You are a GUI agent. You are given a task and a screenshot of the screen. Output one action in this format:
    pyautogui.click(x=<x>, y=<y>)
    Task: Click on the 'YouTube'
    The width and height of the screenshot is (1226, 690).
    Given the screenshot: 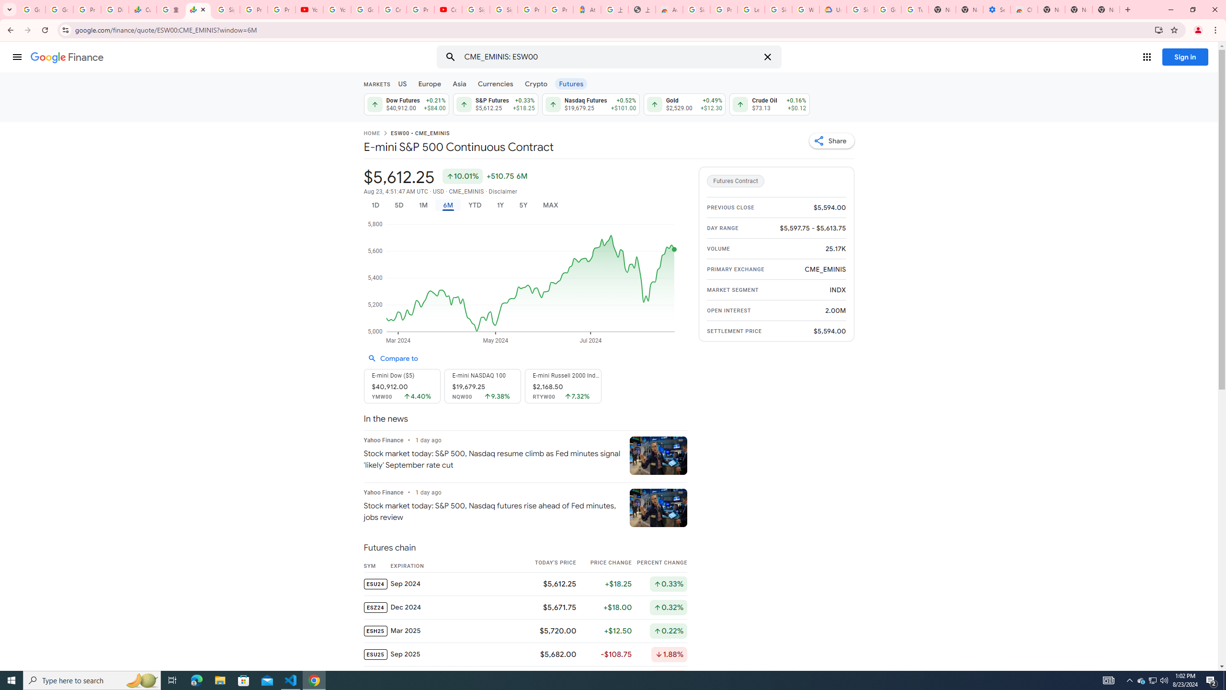 What is the action you would take?
    pyautogui.click(x=309, y=9)
    